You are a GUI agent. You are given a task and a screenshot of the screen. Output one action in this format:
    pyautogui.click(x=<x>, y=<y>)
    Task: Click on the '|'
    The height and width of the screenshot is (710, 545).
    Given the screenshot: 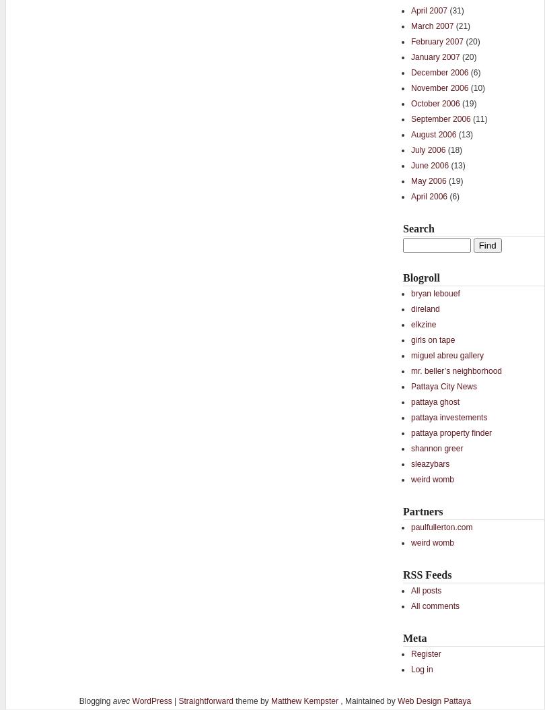 What is the action you would take?
    pyautogui.click(x=174, y=701)
    